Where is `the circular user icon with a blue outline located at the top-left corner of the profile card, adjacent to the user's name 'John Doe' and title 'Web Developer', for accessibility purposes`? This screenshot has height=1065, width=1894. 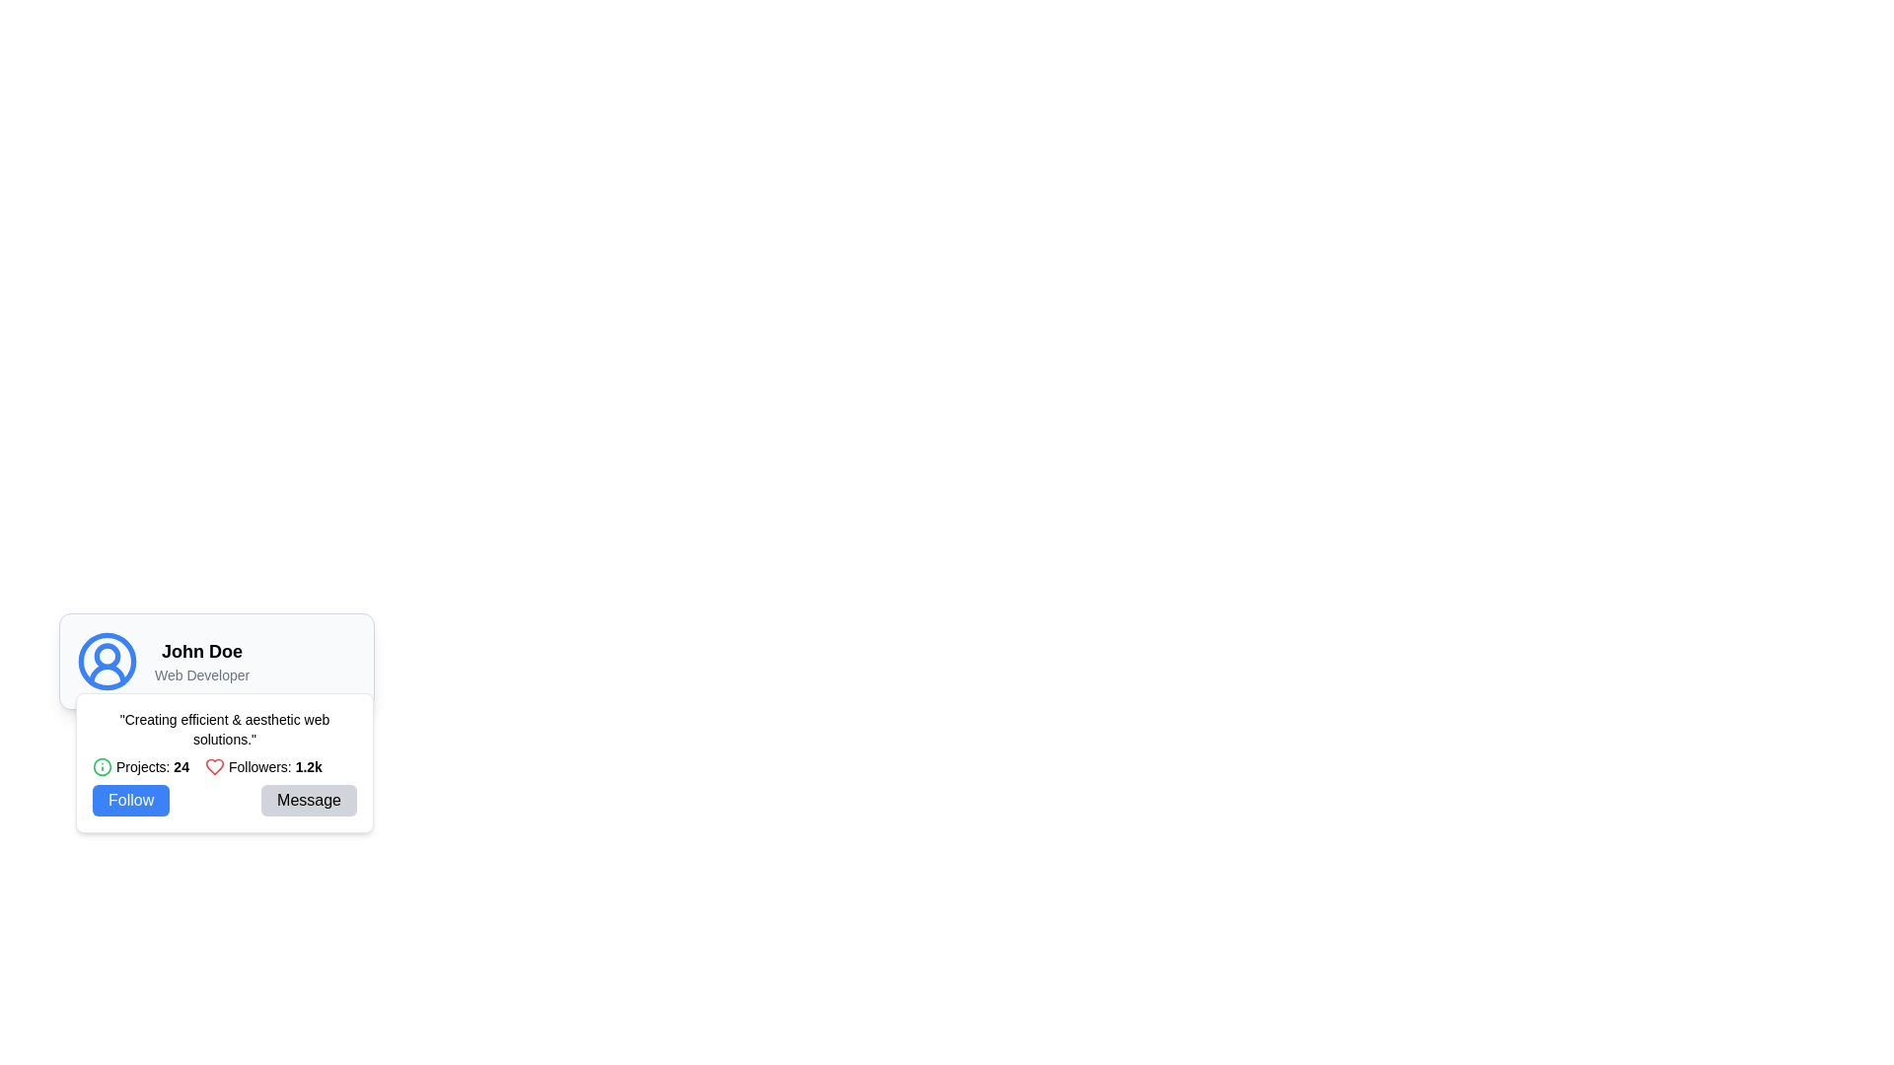
the circular user icon with a blue outline located at the top-left corner of the profile card, adjacent to the user's name 'John Doe' and title 'Web Developer', for accessibility purposes is located at coordinates (107, 662).